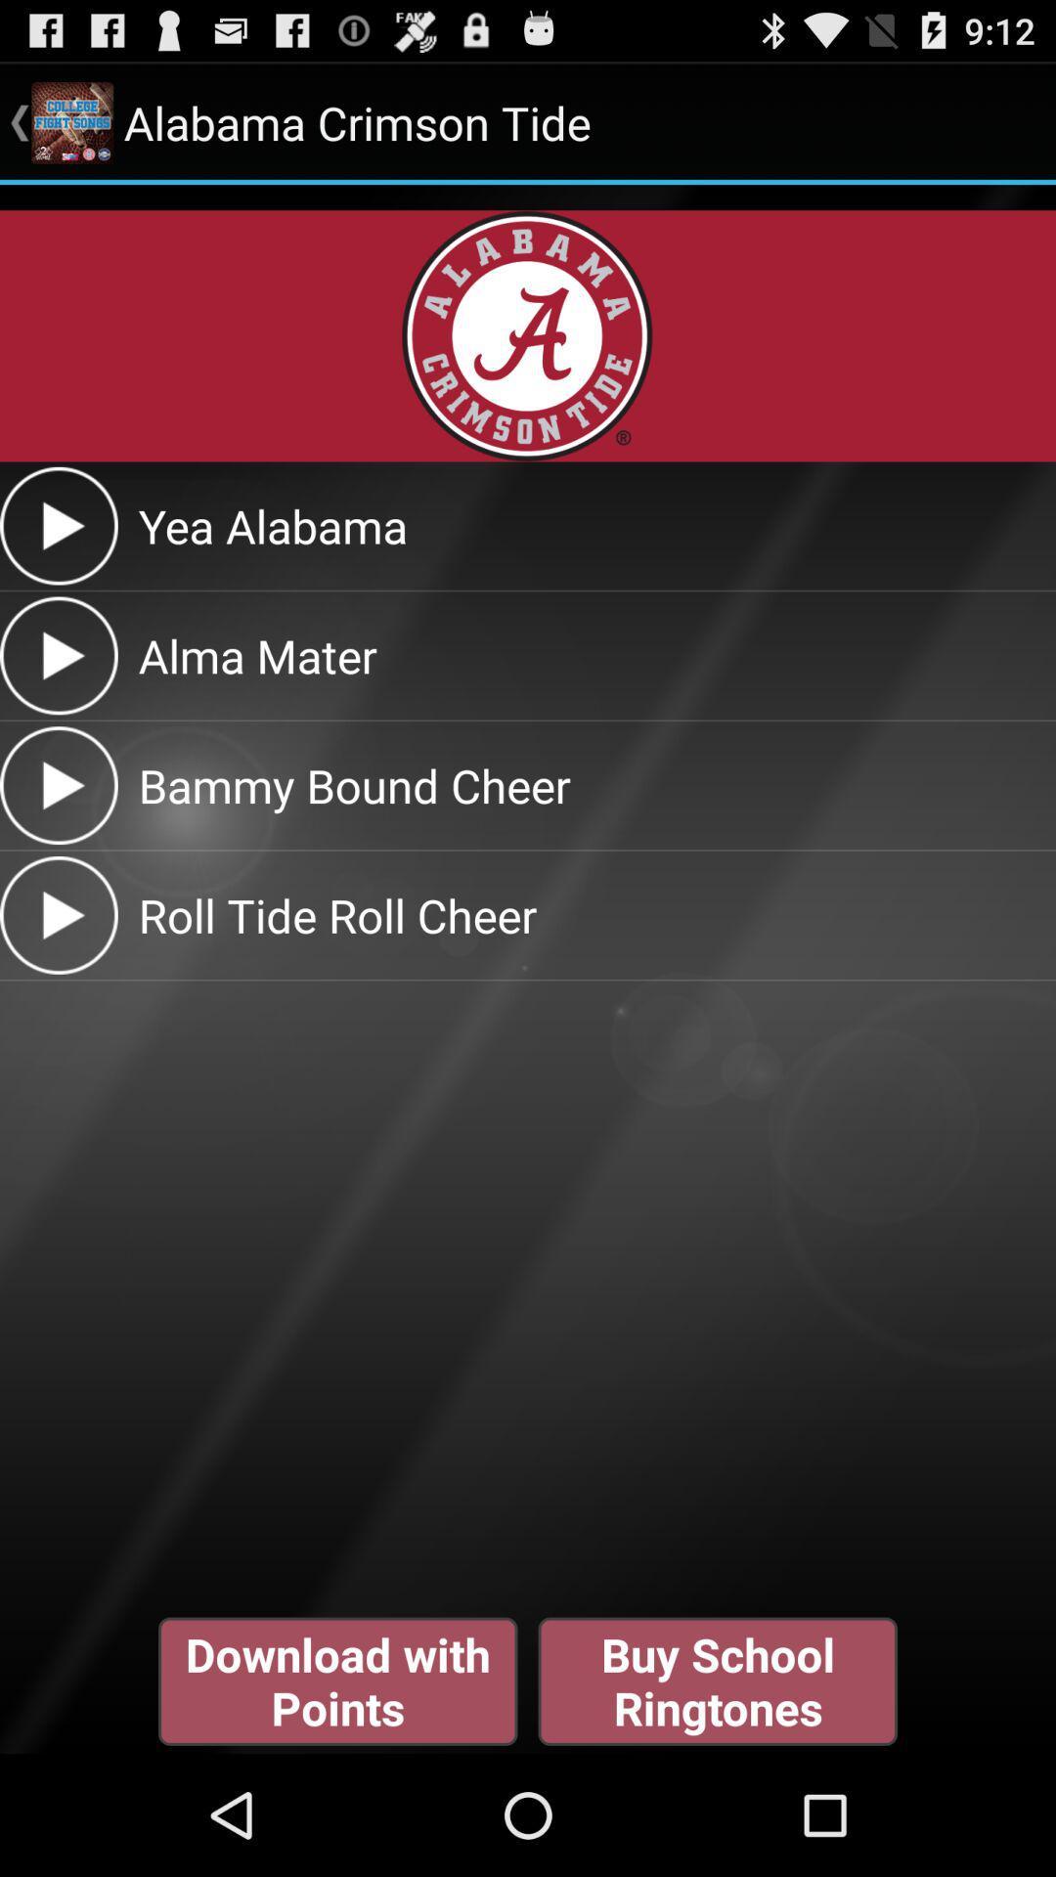  Describe the element at coordinates (58, 526) in the screenshot. I see `go back` at that location.